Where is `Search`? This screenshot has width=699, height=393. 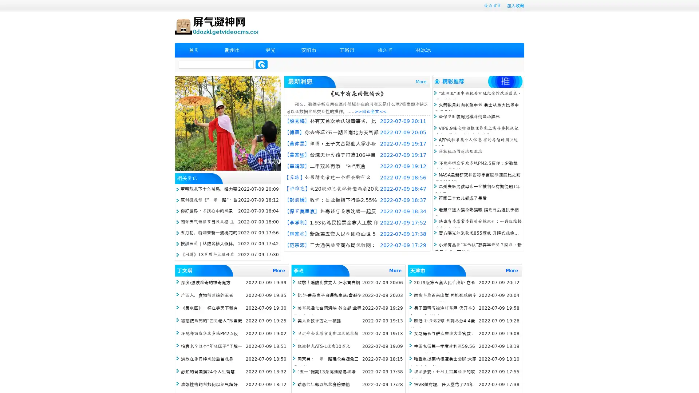 Search is located at coordinates (261, 64).